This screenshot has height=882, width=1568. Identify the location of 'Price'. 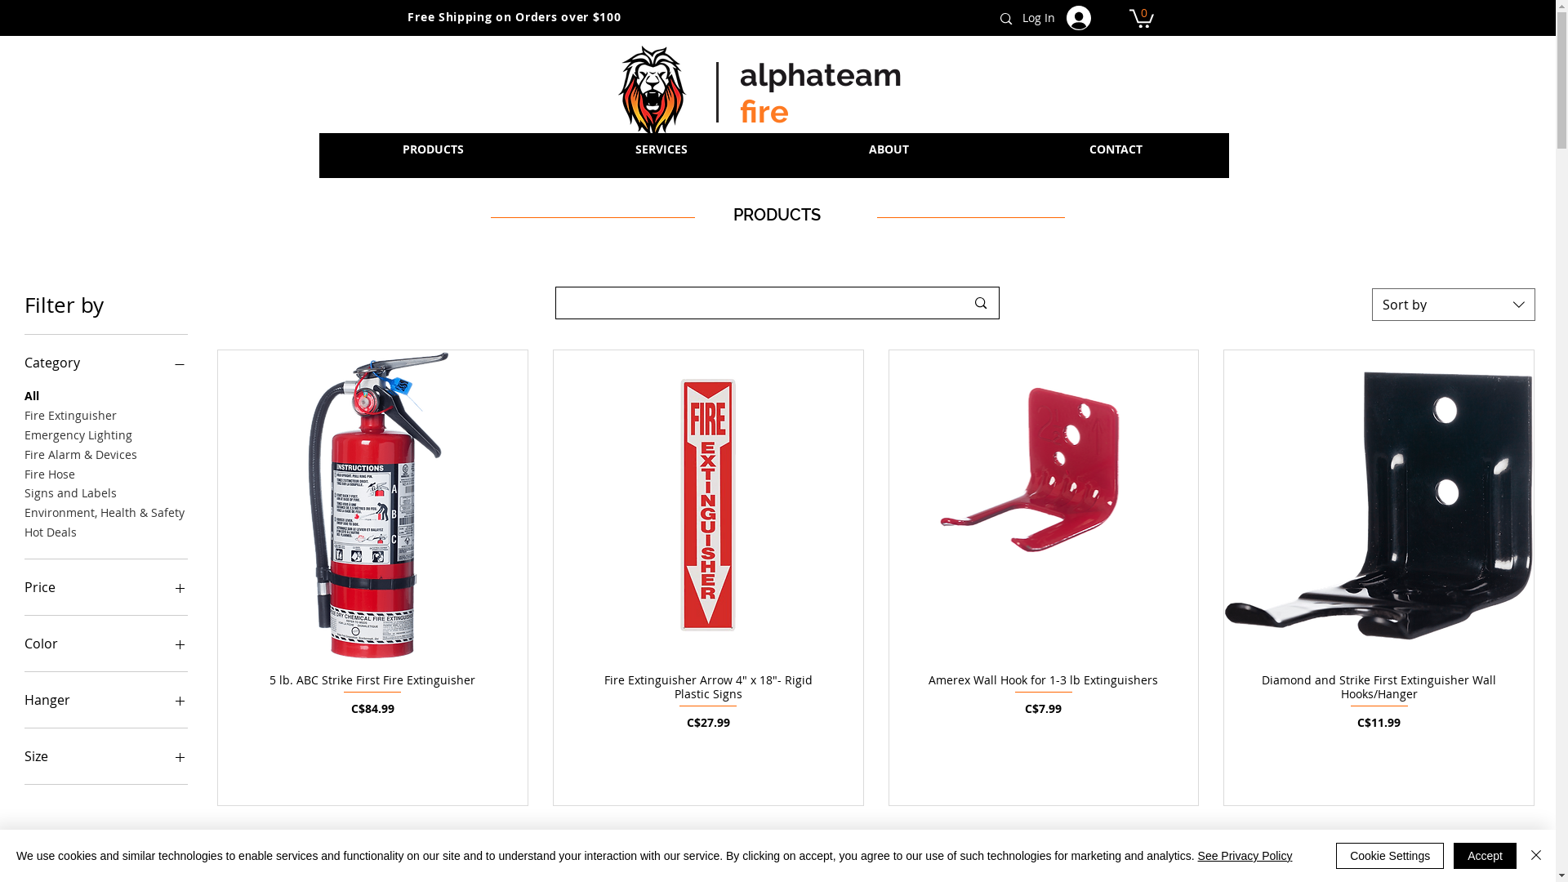
(105, 586).